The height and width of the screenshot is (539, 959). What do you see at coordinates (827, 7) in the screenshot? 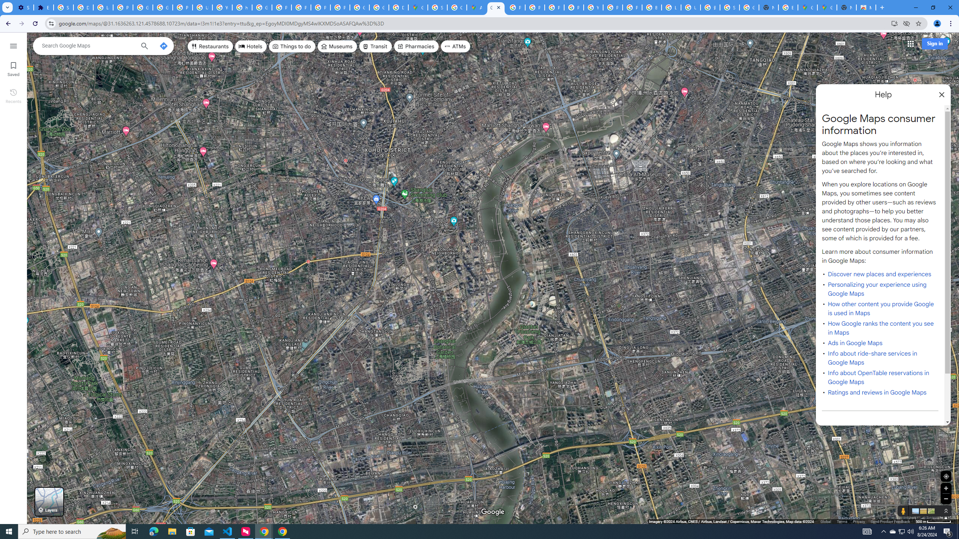
I see `'Google Maps'` at bounding box center [827, 7].